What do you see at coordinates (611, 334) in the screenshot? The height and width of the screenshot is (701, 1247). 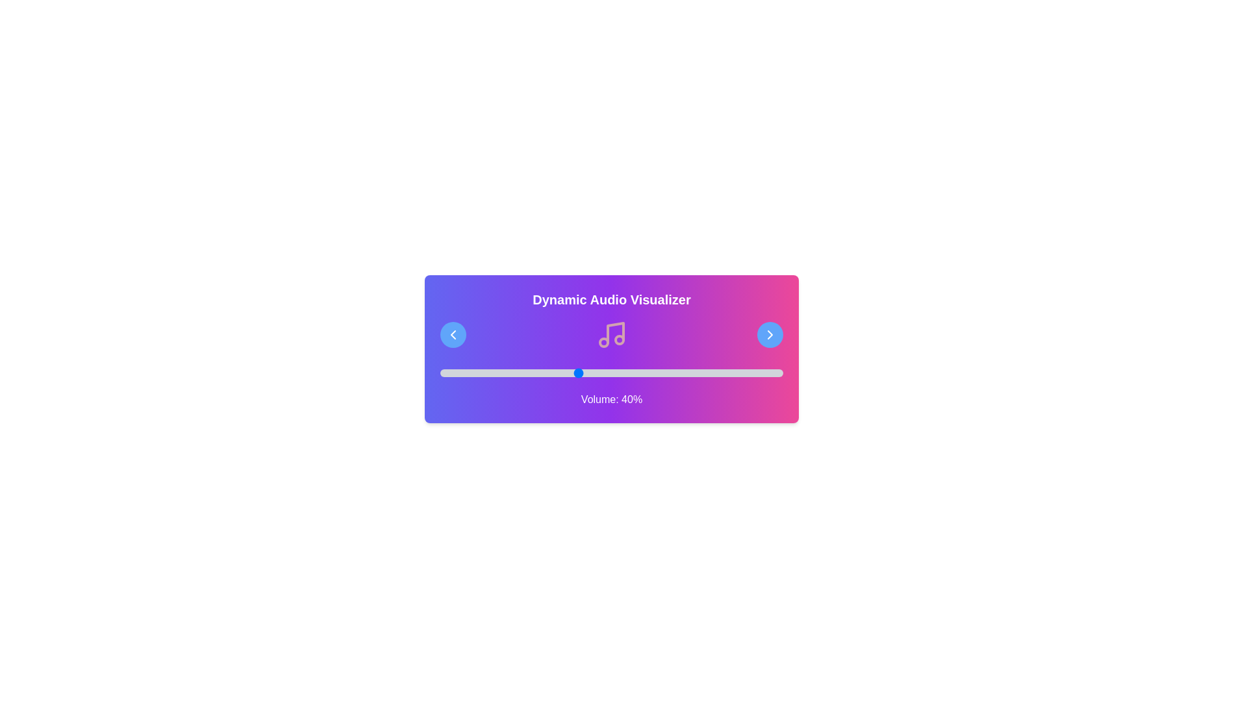 I see `the animated musical note icon to observe its animation` at bounding box center [611, 334].